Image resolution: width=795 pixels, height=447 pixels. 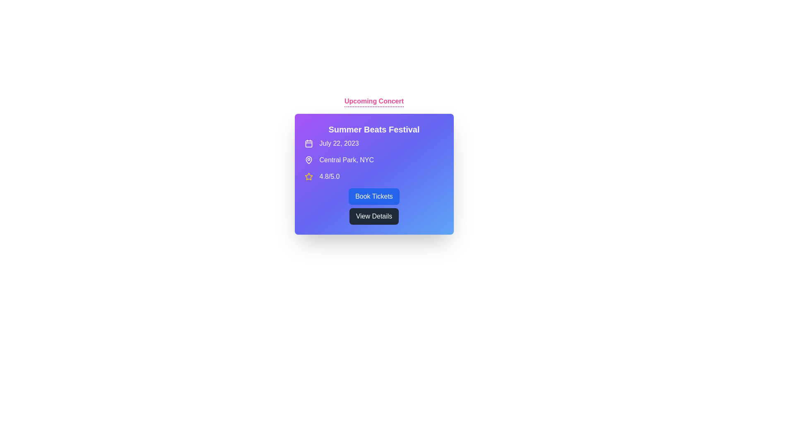 What do you see at coordinates (308, 160) in the screenshot?
I see `the map pin icon located to the left of the text 'Central Park, NYC', which is the first element in its horizontally aligned group` at bounding box center [308, 160].